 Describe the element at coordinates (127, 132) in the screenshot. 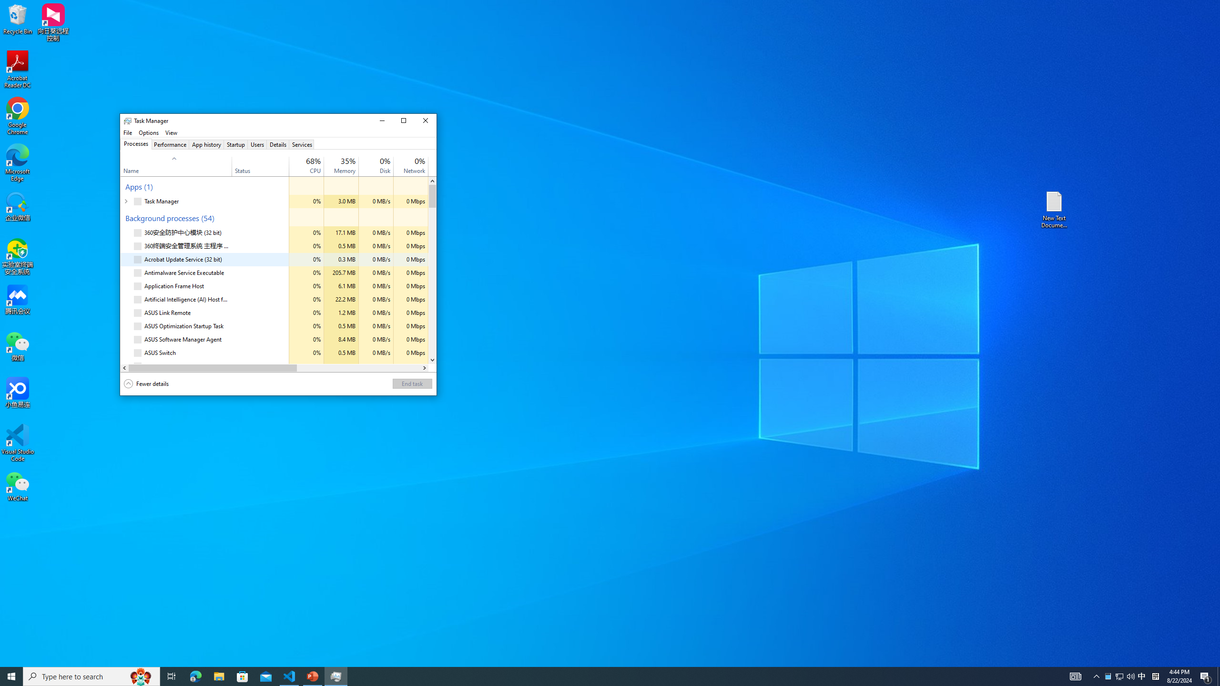

I see `'File'` at that location.